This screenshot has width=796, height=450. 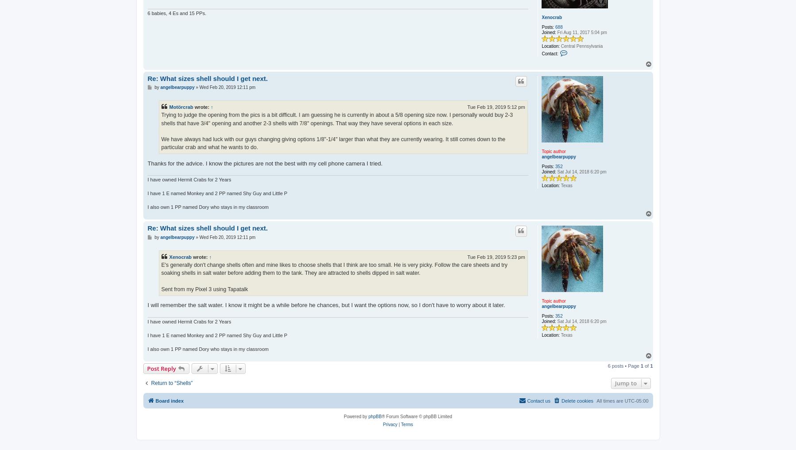 I want to click on 'Contact us', so click(x=538, y=400).